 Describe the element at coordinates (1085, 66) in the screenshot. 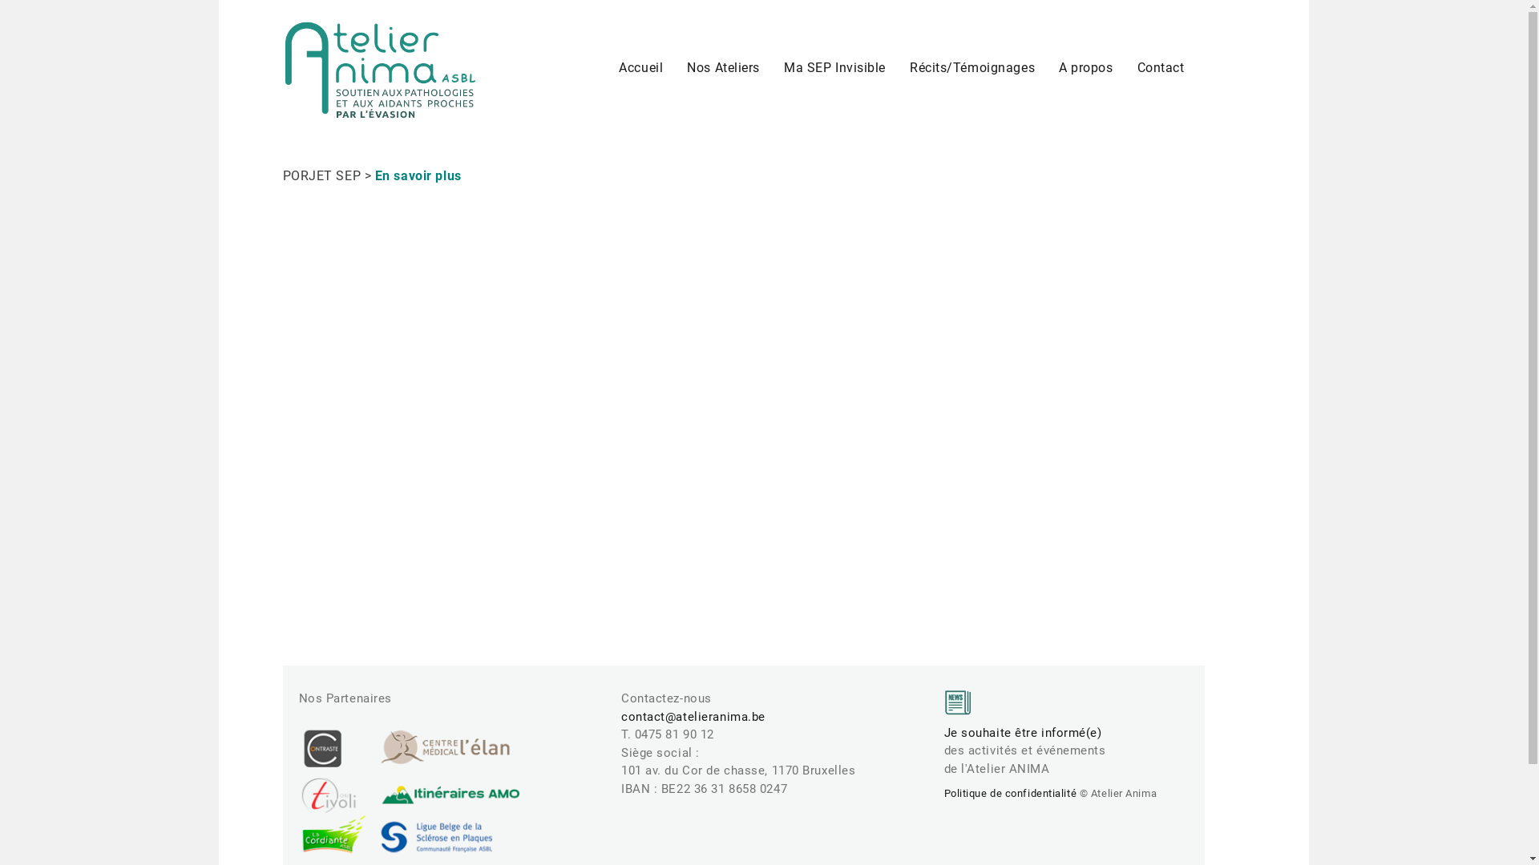

I see `'A propos'` at that location.